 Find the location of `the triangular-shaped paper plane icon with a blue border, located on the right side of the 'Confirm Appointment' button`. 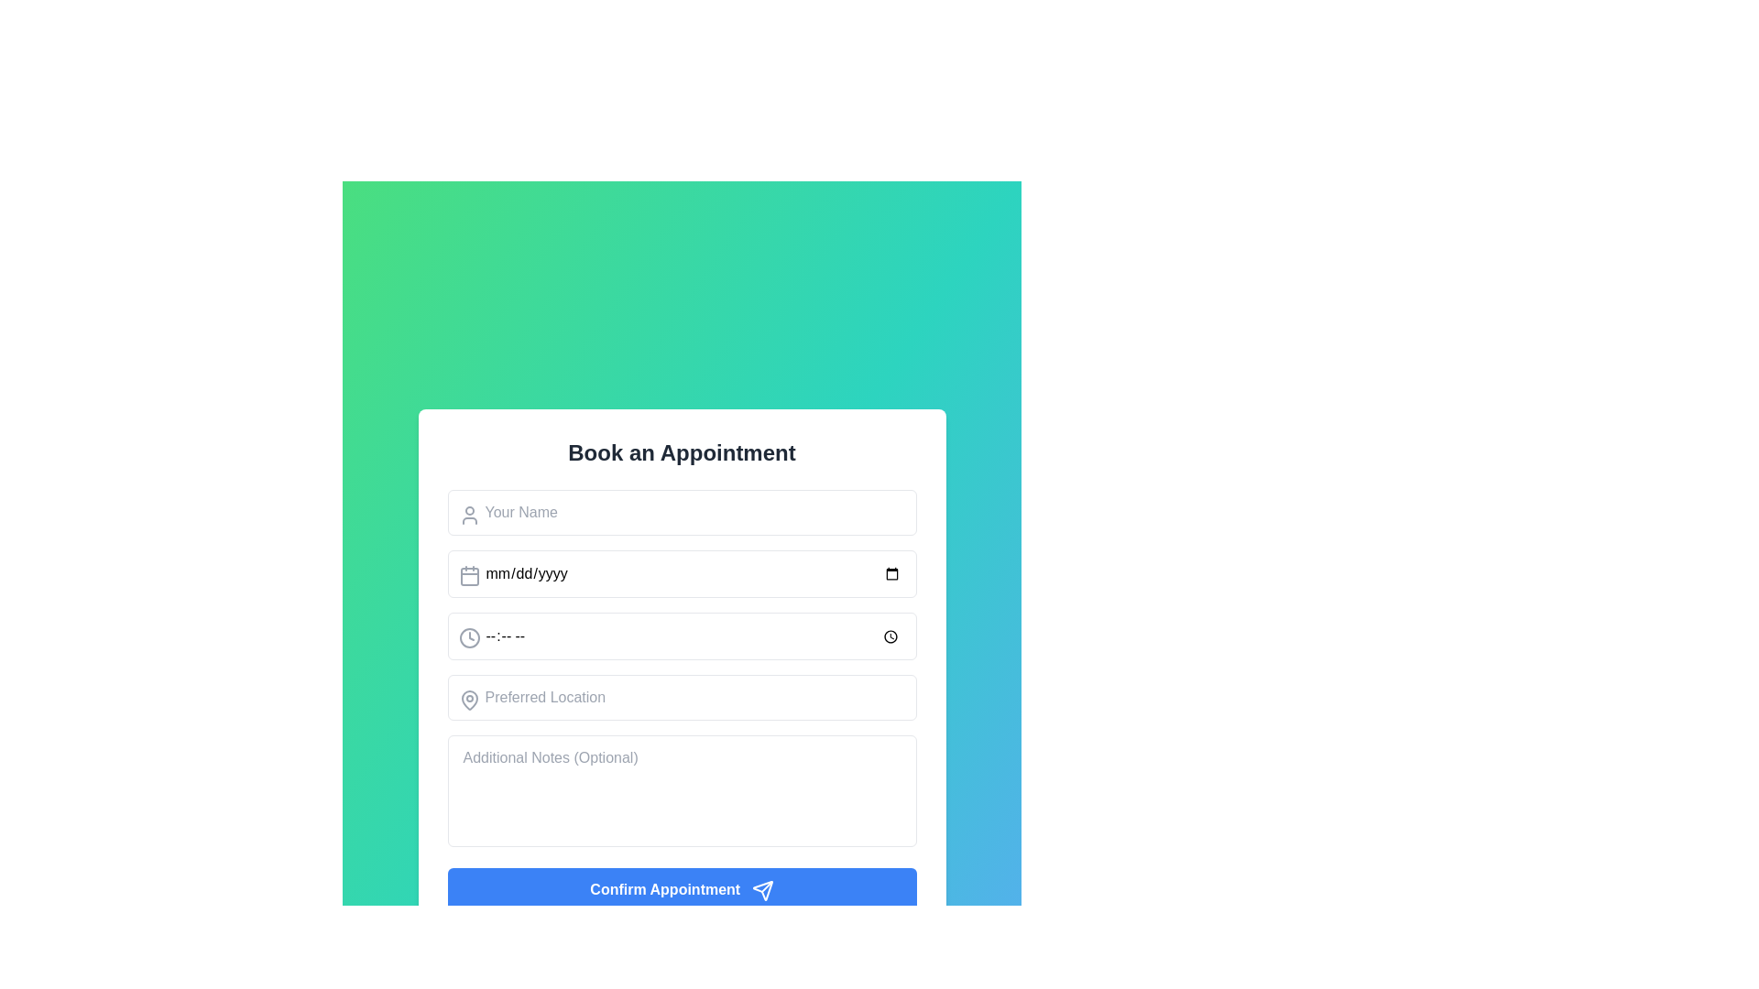

the triangular-shaped paper plane icon with a blue border, located on the right side of the 'Confirm Appointment' button is located at coordinates (762, 889).